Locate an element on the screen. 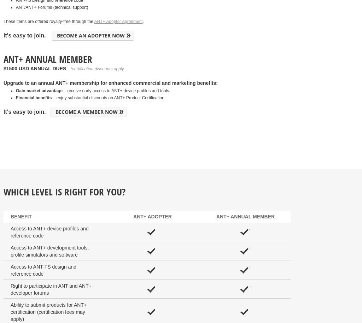 This screenshot has height=323, width=362. 'Financial benefits' is located at coordinates (15, 98).